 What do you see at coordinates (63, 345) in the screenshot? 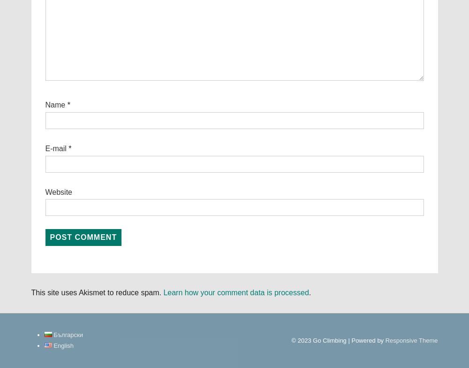
I see `'English'` at bounding box center [63, 345].